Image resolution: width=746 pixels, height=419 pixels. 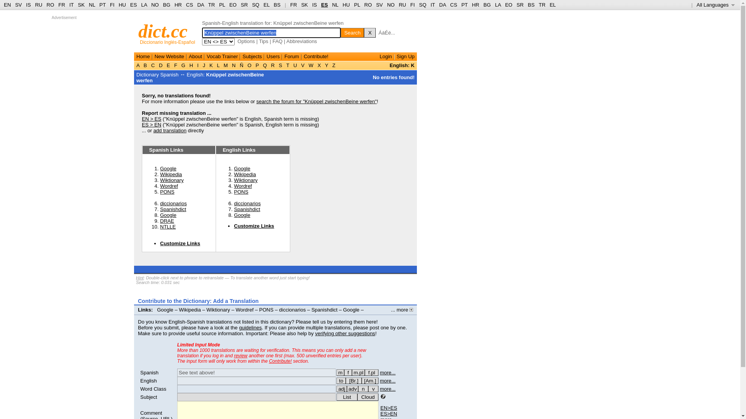 What do you see at coordinates (147, 74) in the screenshot?
I see `'Dictionary'` at bounding box center [147, 74].